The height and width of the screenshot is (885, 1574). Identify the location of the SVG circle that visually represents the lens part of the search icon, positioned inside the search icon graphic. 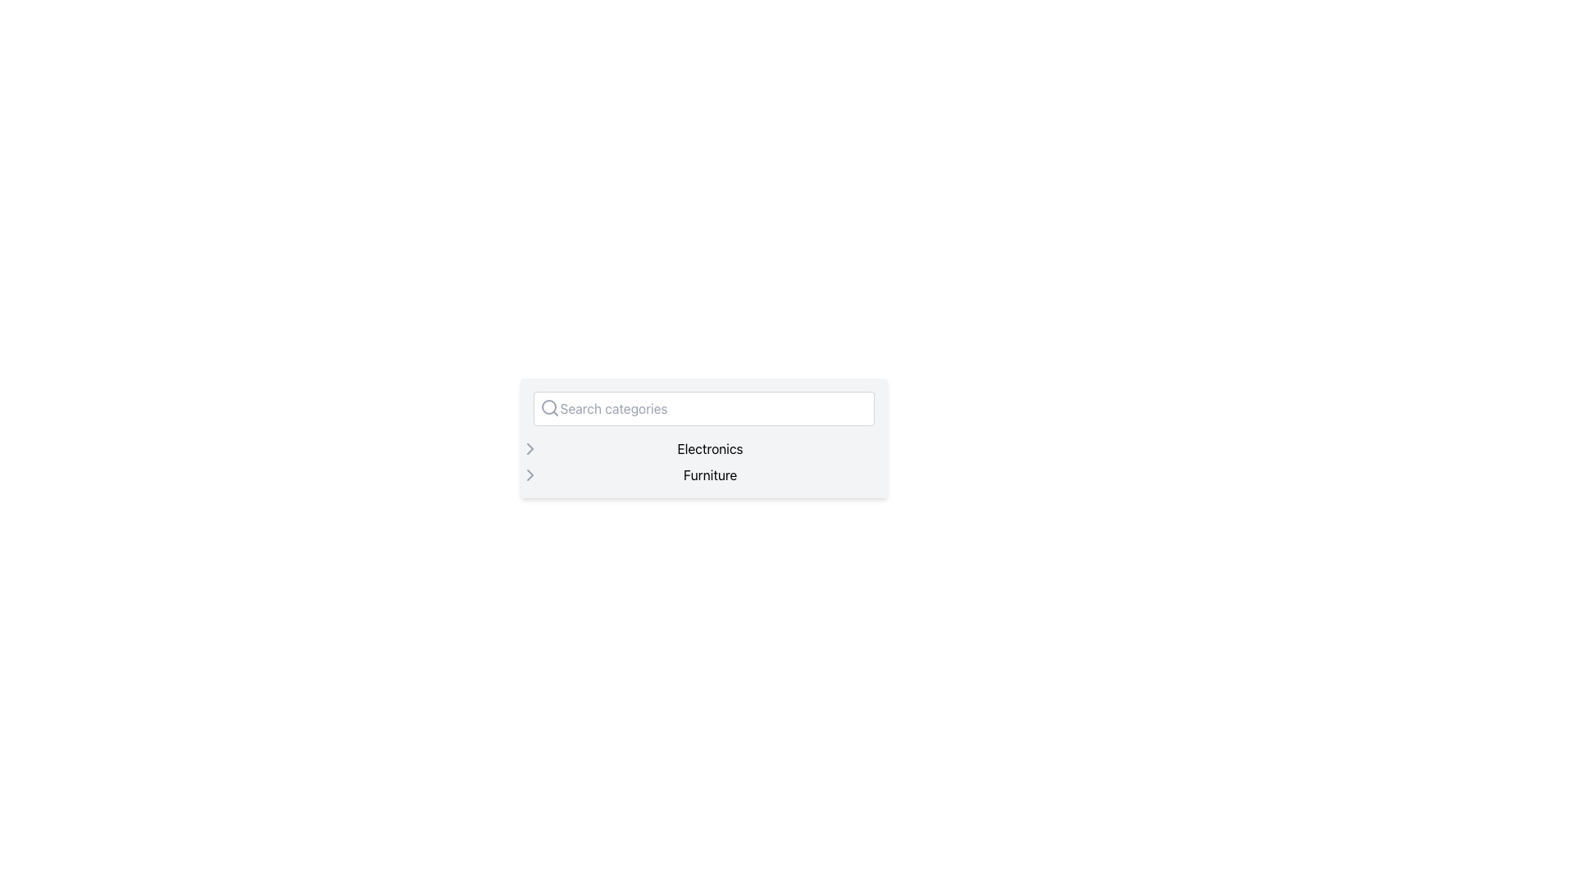
(548, 406).